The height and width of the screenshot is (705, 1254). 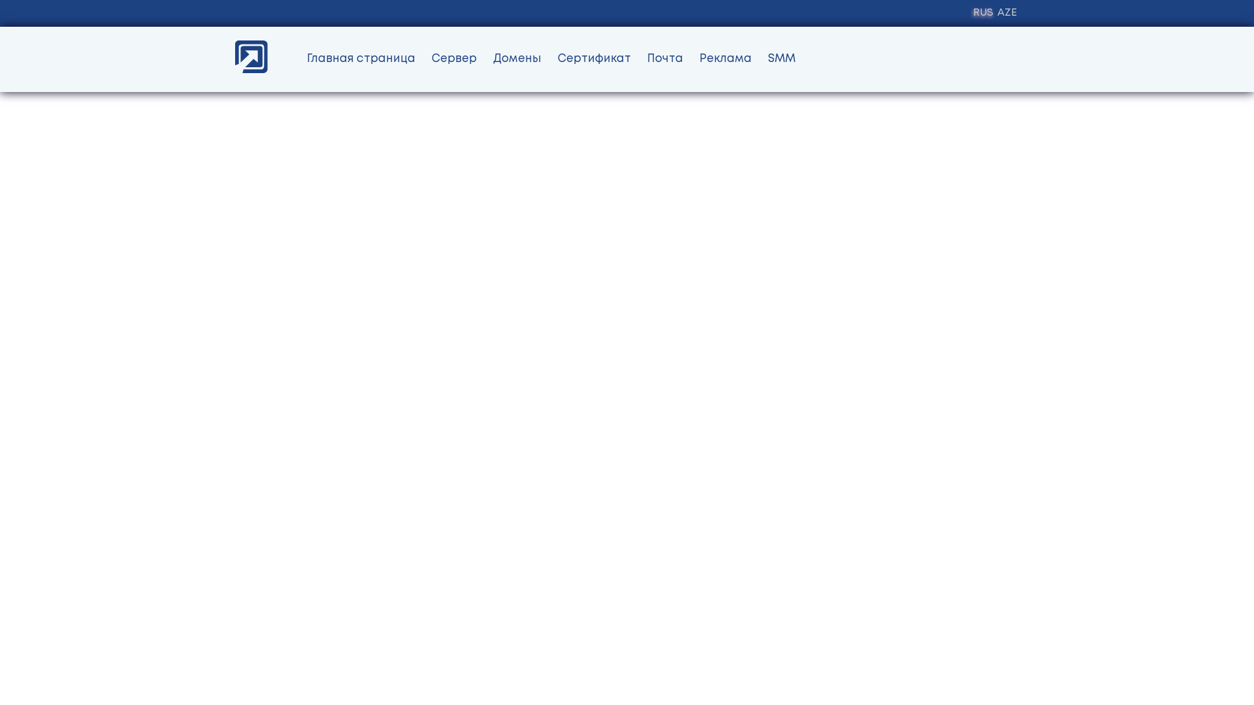 What do you see at coordinates (1006, 12) in the screenshot?
I see `'AZE'` at bounding box center [1006, 12].